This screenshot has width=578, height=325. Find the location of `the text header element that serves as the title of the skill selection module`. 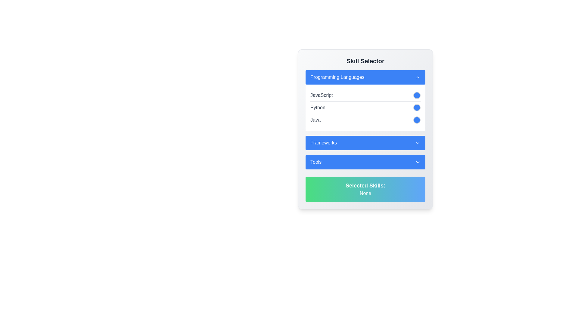

the text header element that serves as the title of the skill selection module is located at coordinates (365, 61).